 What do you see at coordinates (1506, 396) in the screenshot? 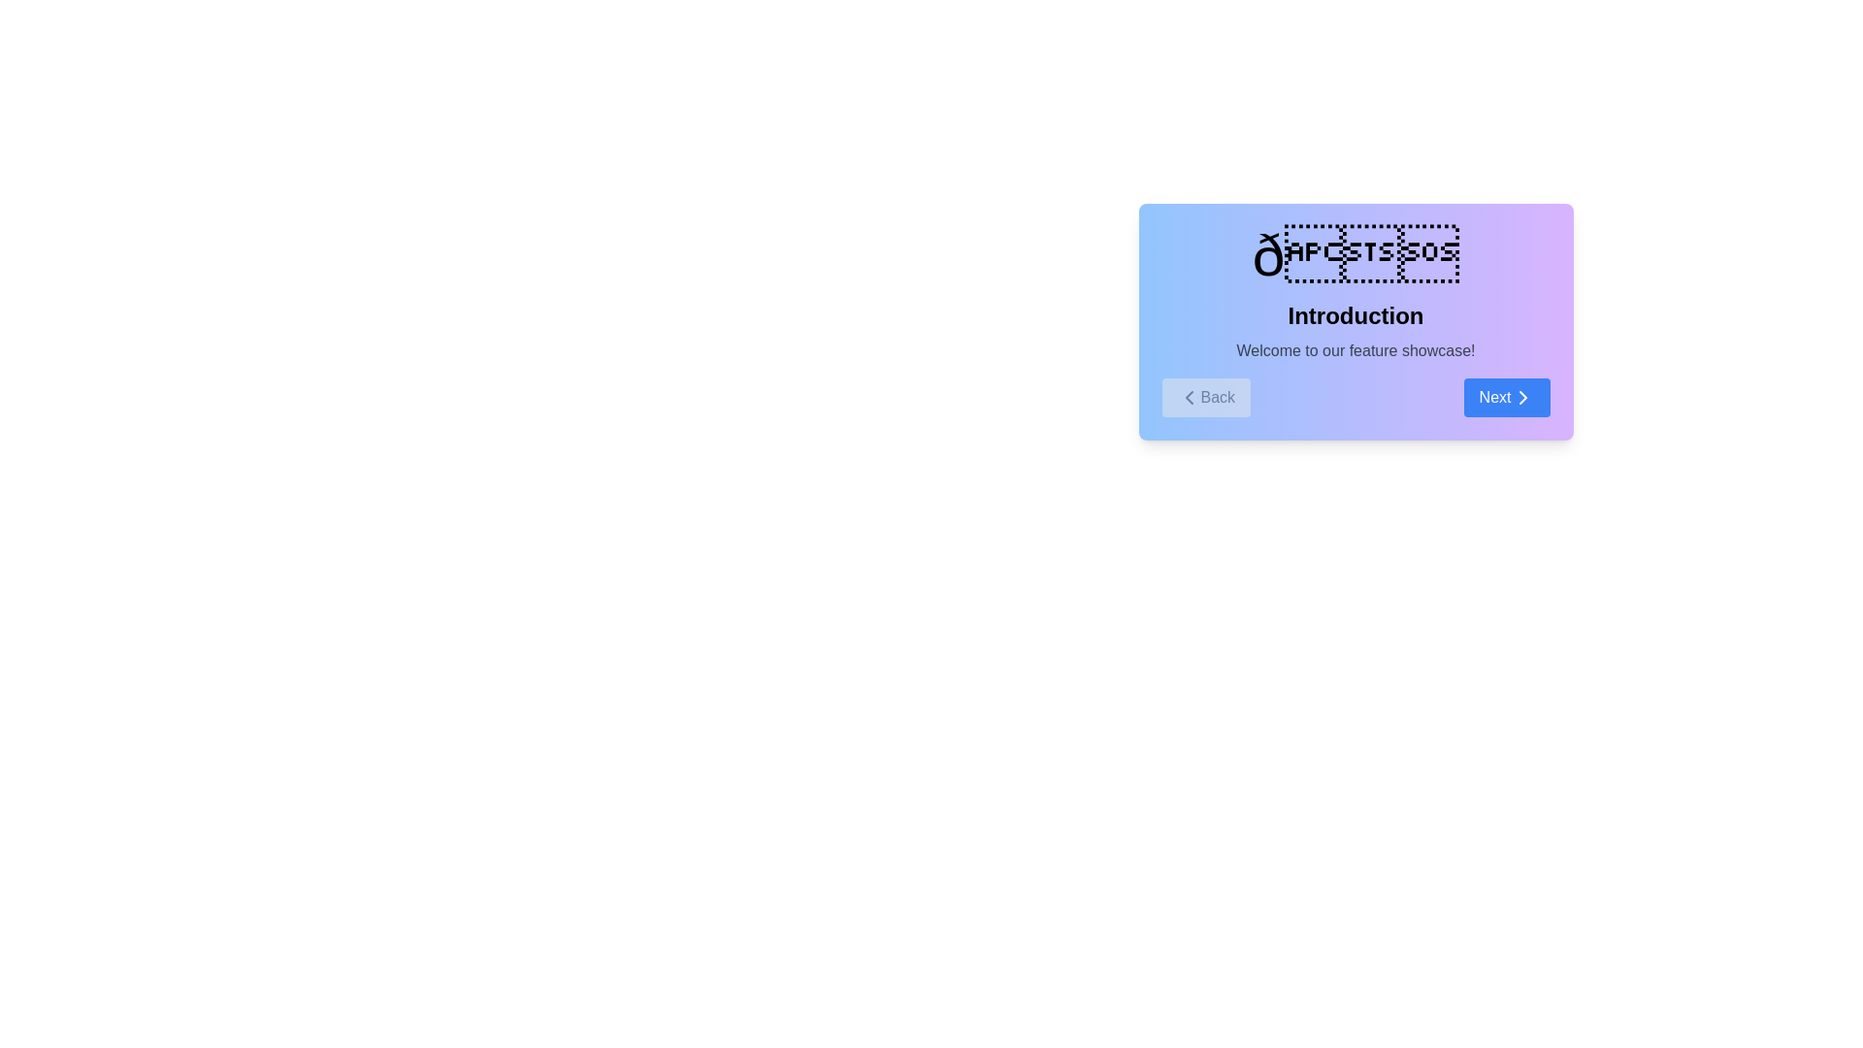
I see `the 'Next' button to navigate to the next step` at bounding box center [1506, 396].